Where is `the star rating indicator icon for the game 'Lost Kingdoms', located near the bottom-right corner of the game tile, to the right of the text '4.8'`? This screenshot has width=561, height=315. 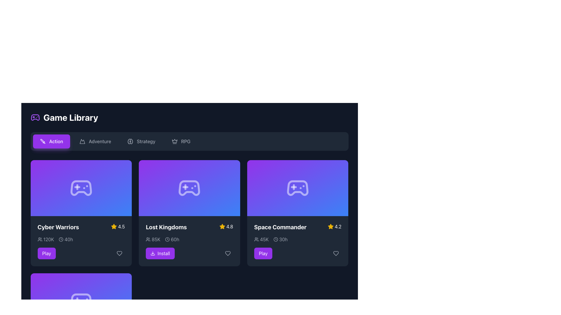
the star rating indicator icon for the game 'Lost Kingdoms', located near the bottom-right corner of the game tile, to the right of the text '4.8' is located at coordinates (114, 226).